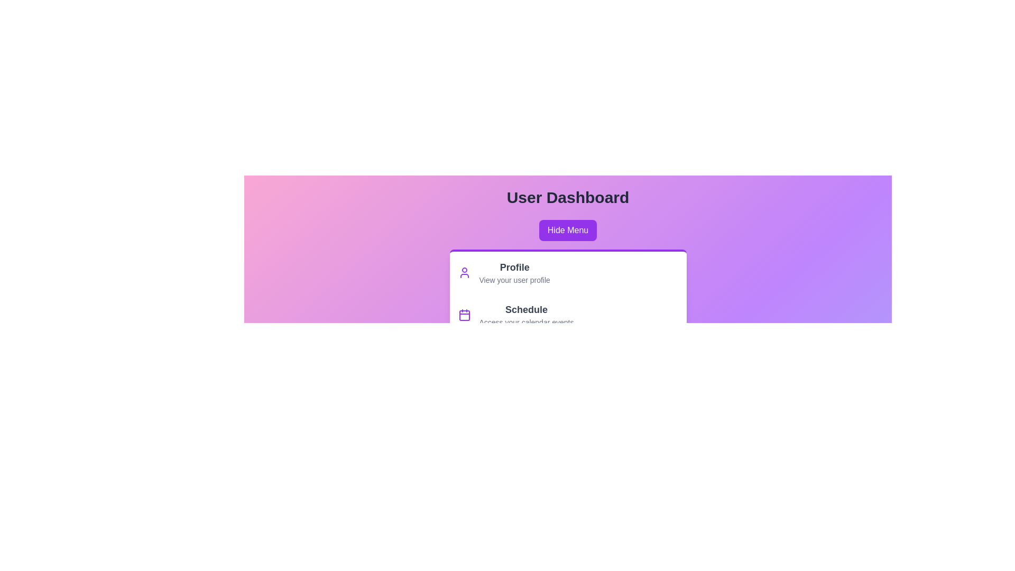 The width and height of the screenshot is (1015, 571). I want to click on the 'Hide Menu' button to toggle the menu visibility, so click(567, 229).